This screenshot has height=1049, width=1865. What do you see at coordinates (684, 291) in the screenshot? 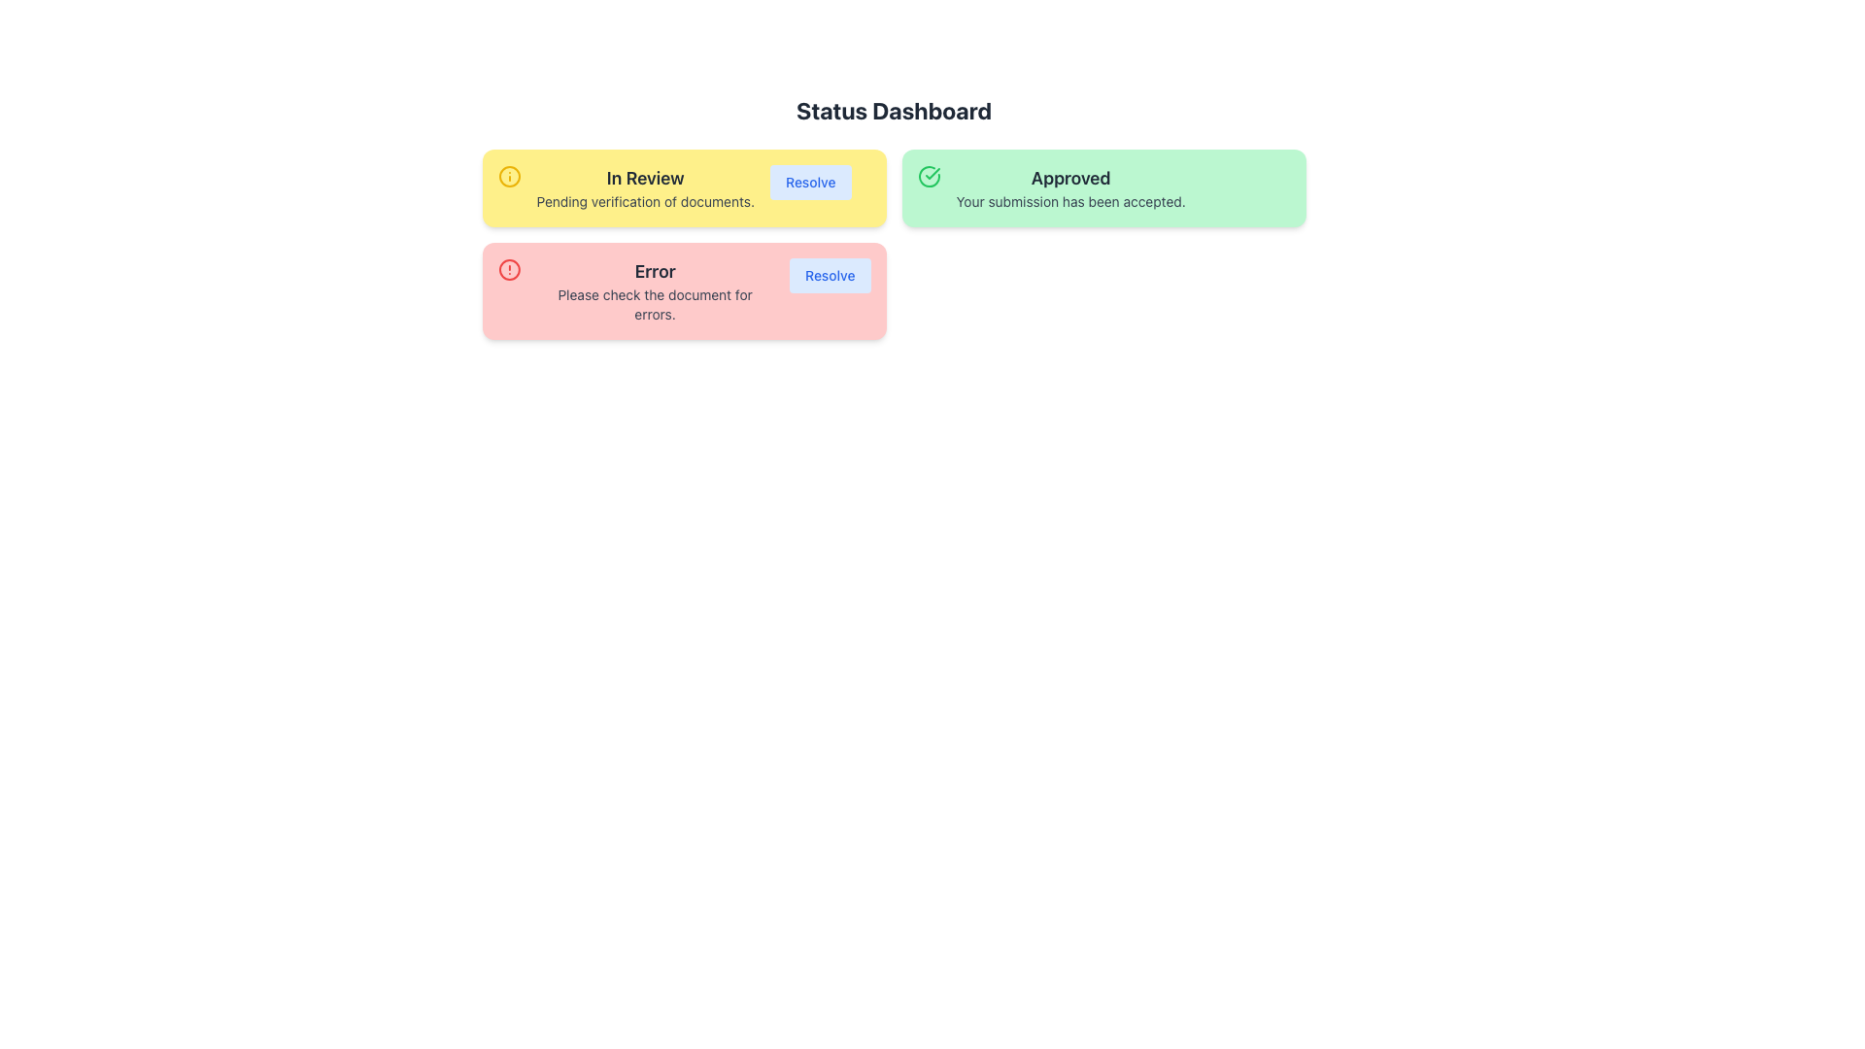
I see `the Notification card located in the lower-left area of the grid layout` at bounding box center [684, 291].